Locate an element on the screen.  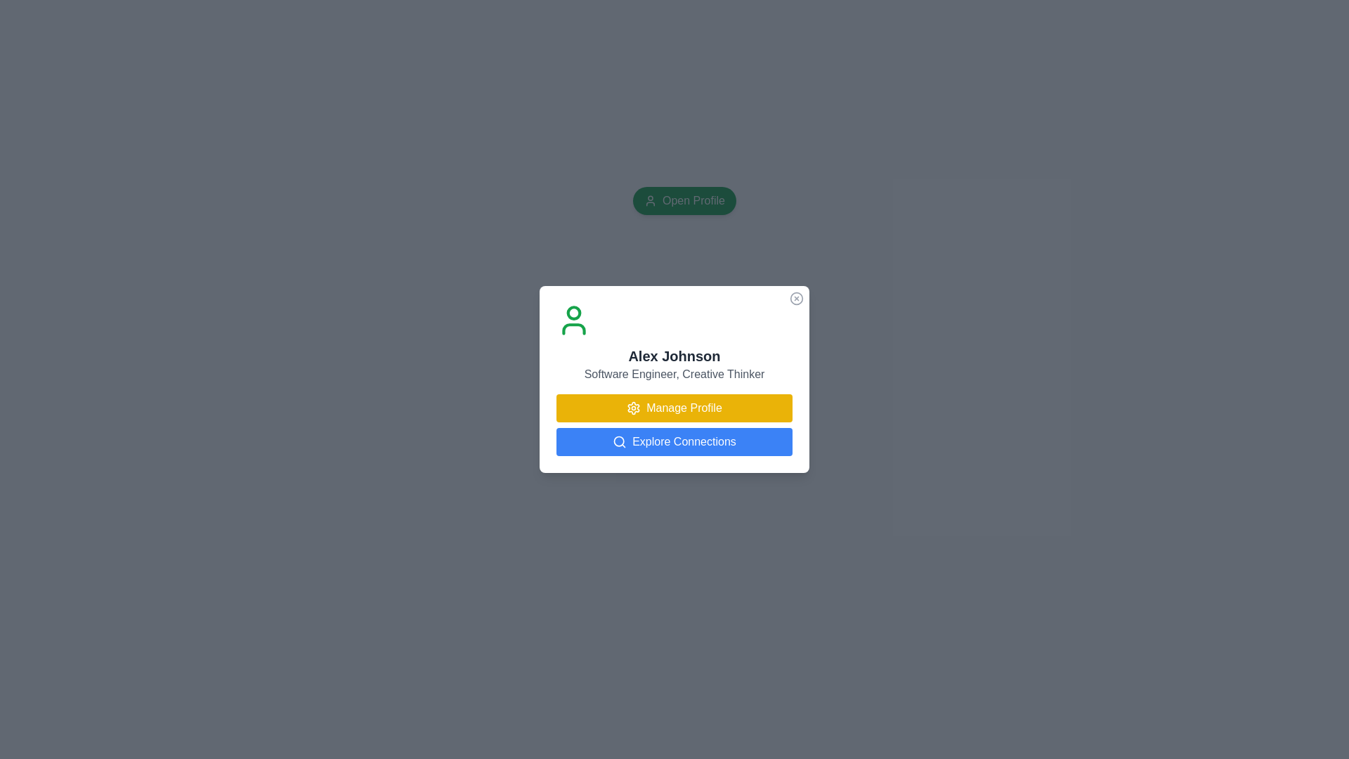
the profile icon located in the top-left corner of the profile card, which represents the user and is directly above the name 'Alex Johnson' is located at coordinates (573, 320).